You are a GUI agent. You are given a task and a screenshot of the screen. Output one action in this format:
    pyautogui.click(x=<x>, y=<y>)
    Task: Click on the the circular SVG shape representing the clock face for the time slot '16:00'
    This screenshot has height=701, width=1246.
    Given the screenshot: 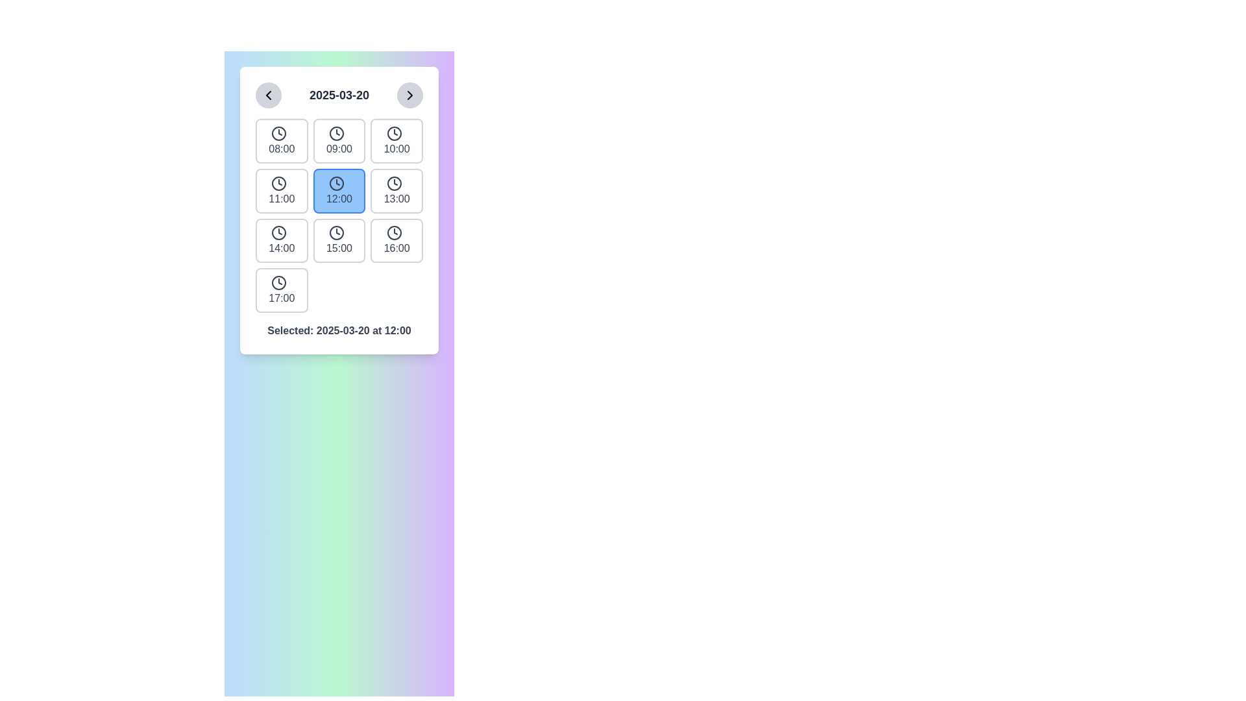 What is the action you would take?
    pyautogui.click(x=393, y=232)
    